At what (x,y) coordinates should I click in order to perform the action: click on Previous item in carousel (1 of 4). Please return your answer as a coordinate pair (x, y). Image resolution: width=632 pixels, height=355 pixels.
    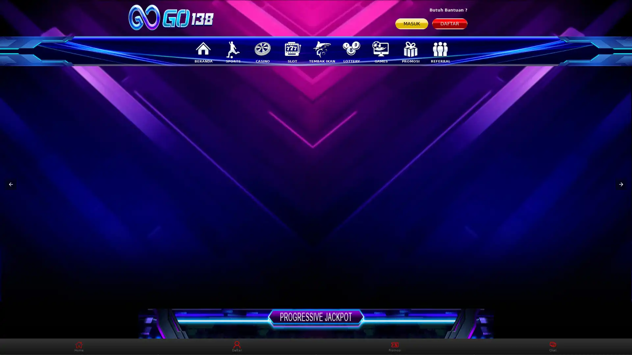
    Looking at the image, I should click on (11, 184).